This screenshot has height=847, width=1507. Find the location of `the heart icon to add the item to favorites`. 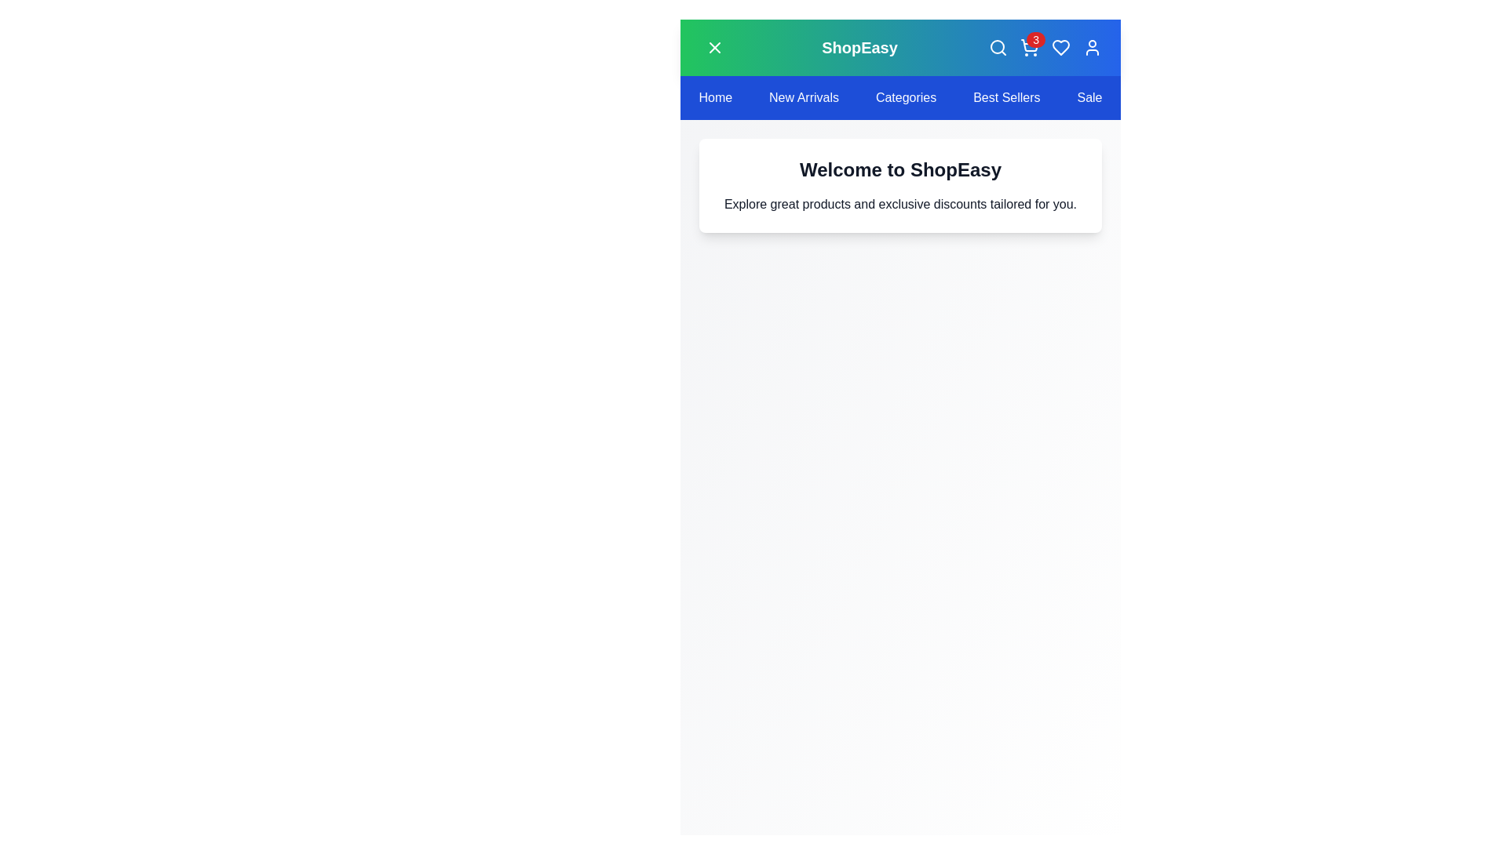

the heart icon to add the item to favorites is located at coordinates (1061, 47).